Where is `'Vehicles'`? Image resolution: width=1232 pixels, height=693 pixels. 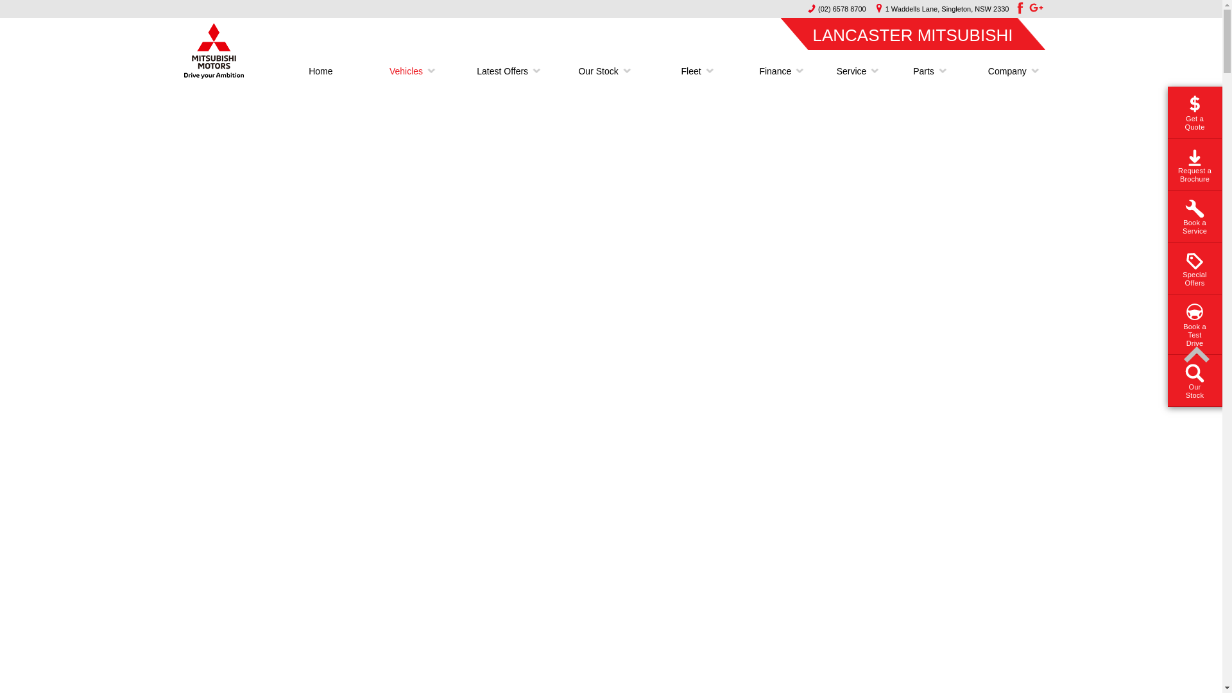
'Vehicles' is located at coordinates (406, 71).